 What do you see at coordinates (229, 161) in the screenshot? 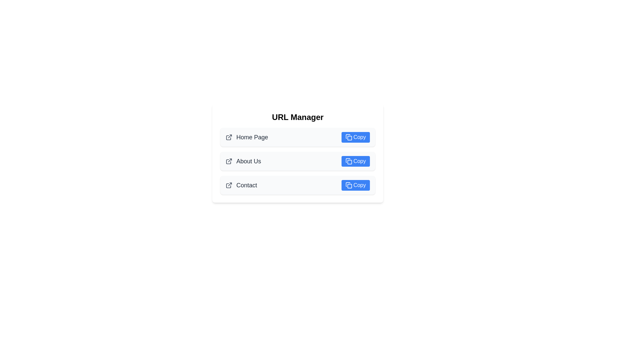
I see `the external link icon located to the left of the 'About Us' text in the second row under 'URL Manager'` at bounding box center [229, 161].